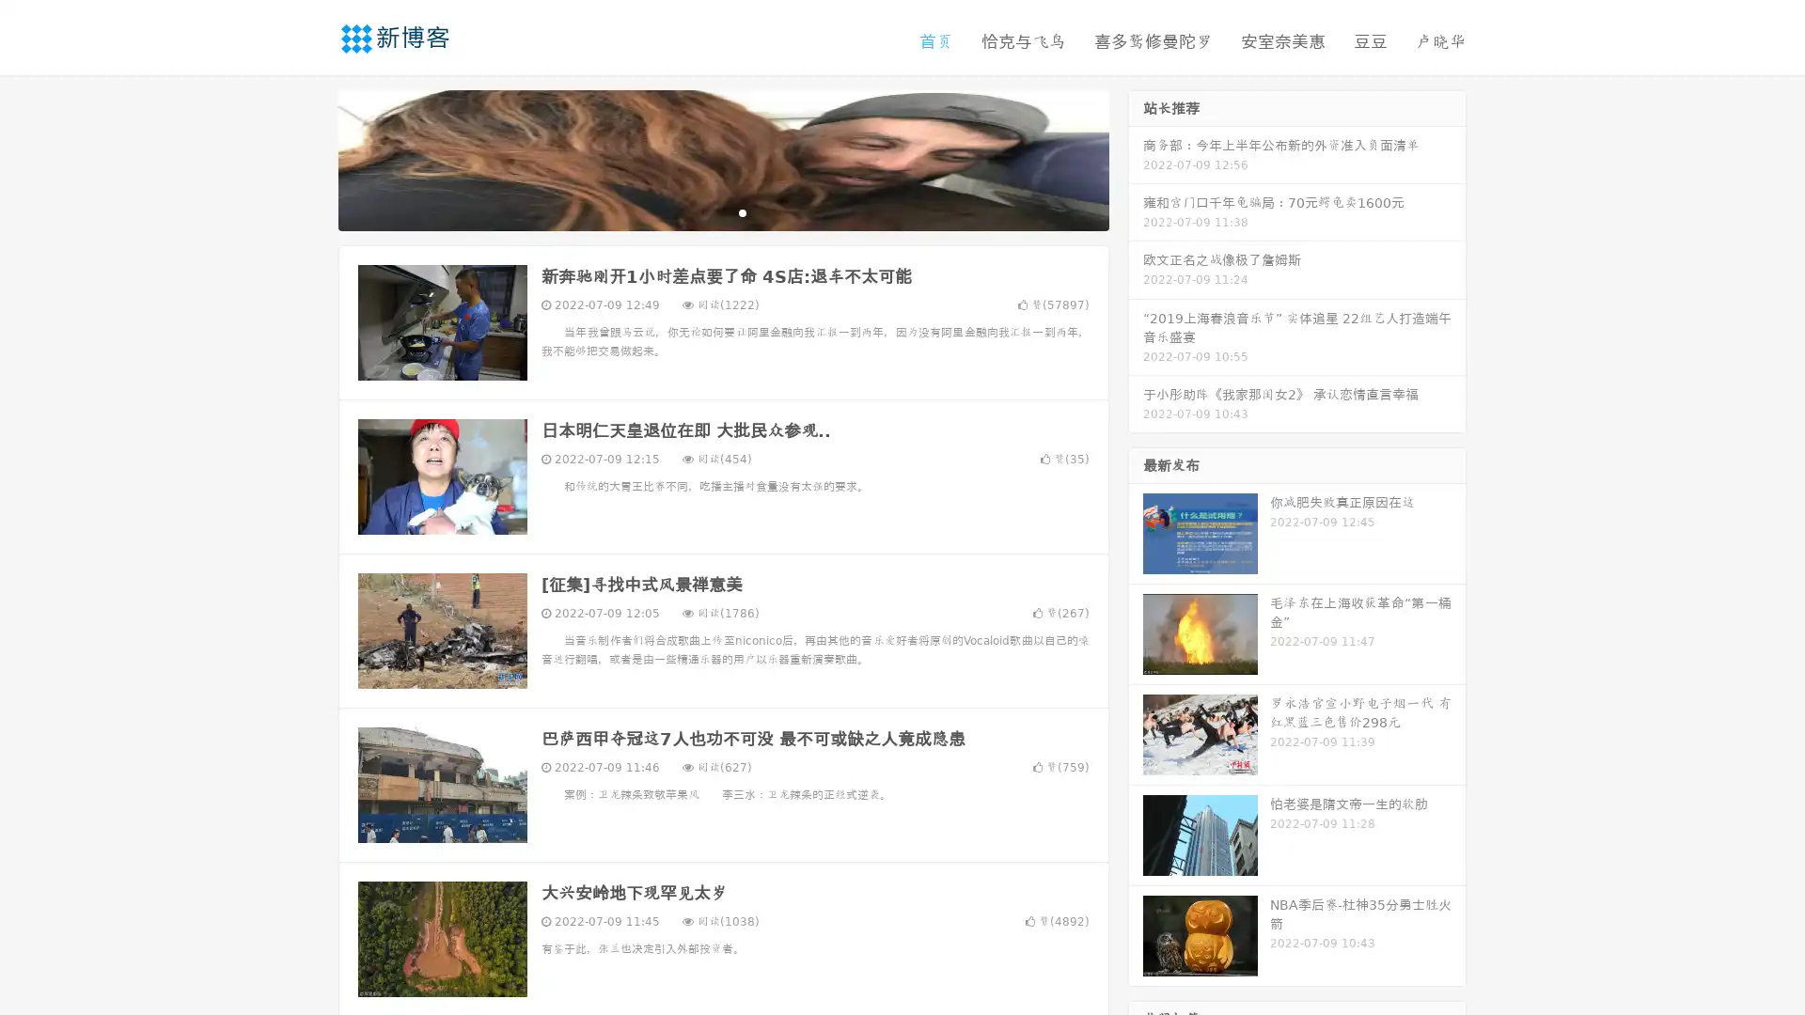 Image resolution: width=1805 pixels, height=1015 pixels. What do you see at coordinates (722, 211) in the screenshot?
I see `Go to slide 2` at bounding box center [722, 211].